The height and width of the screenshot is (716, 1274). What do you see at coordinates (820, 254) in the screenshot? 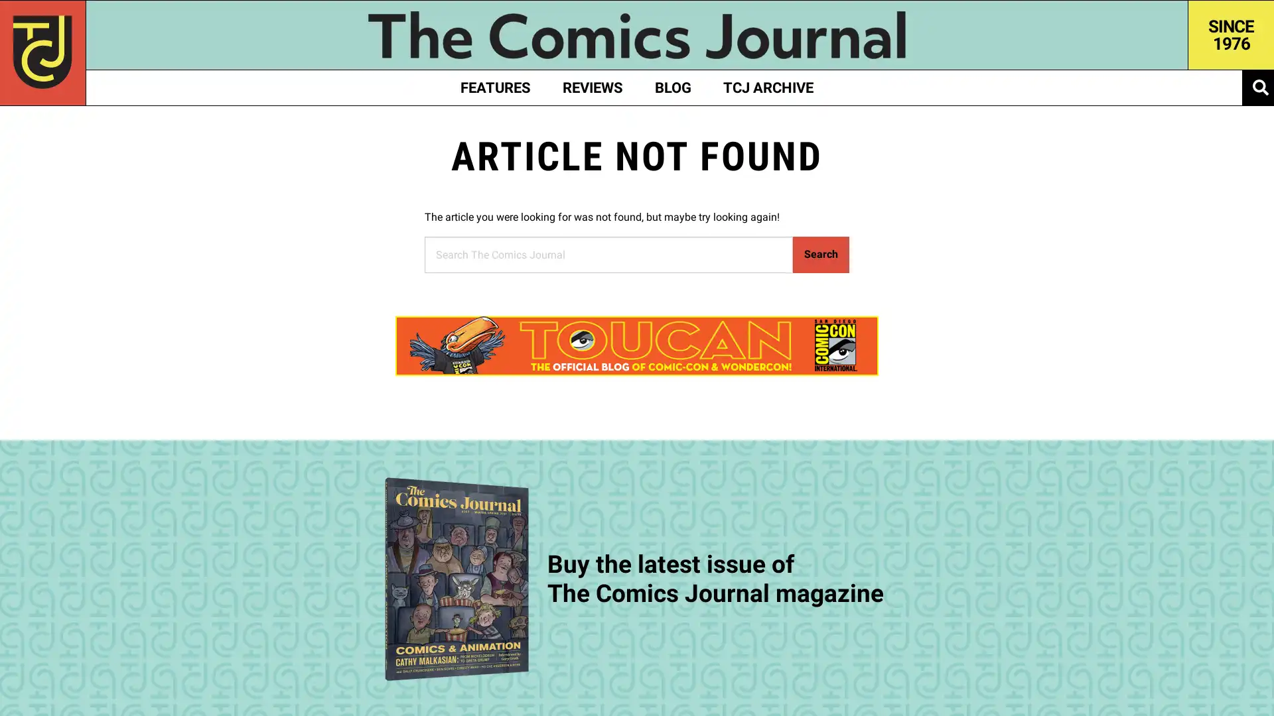
I see `Search` at bounding box center [820, 254].